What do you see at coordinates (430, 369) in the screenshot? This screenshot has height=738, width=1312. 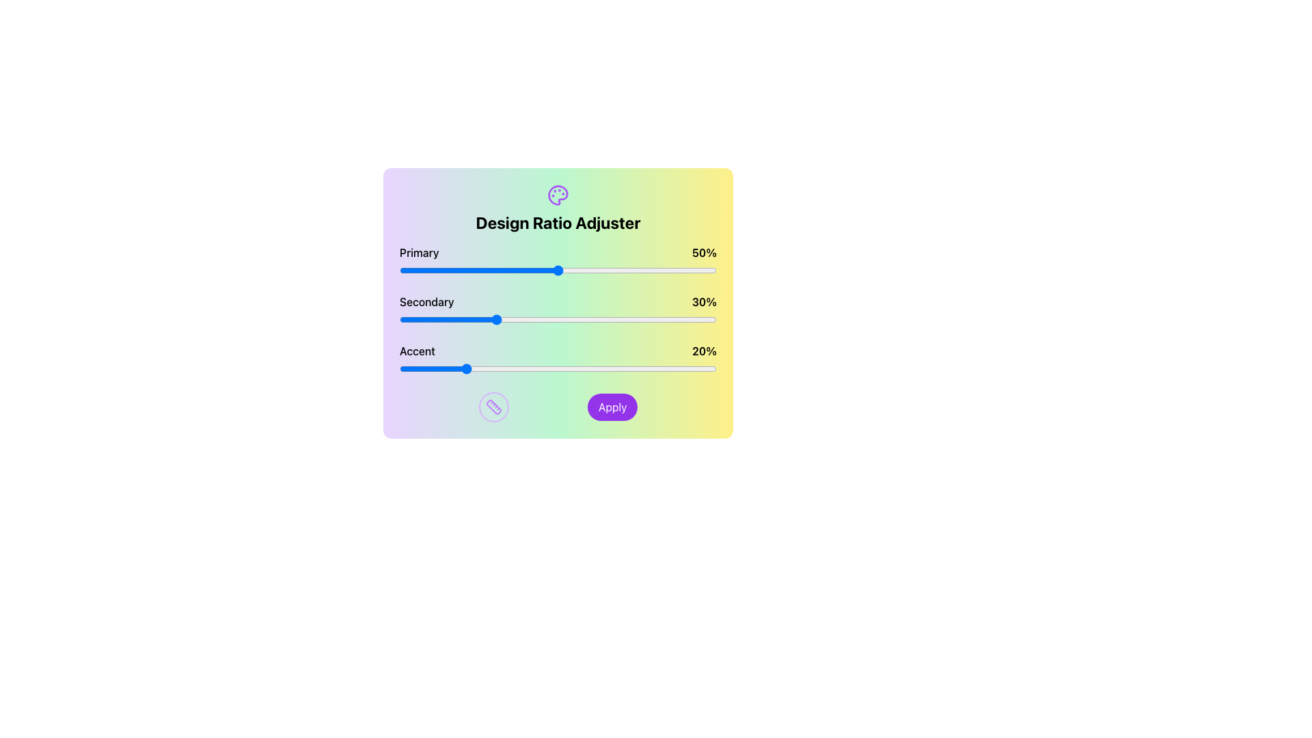 I see `the accent ratio slider` at bounding box center [430, 369].